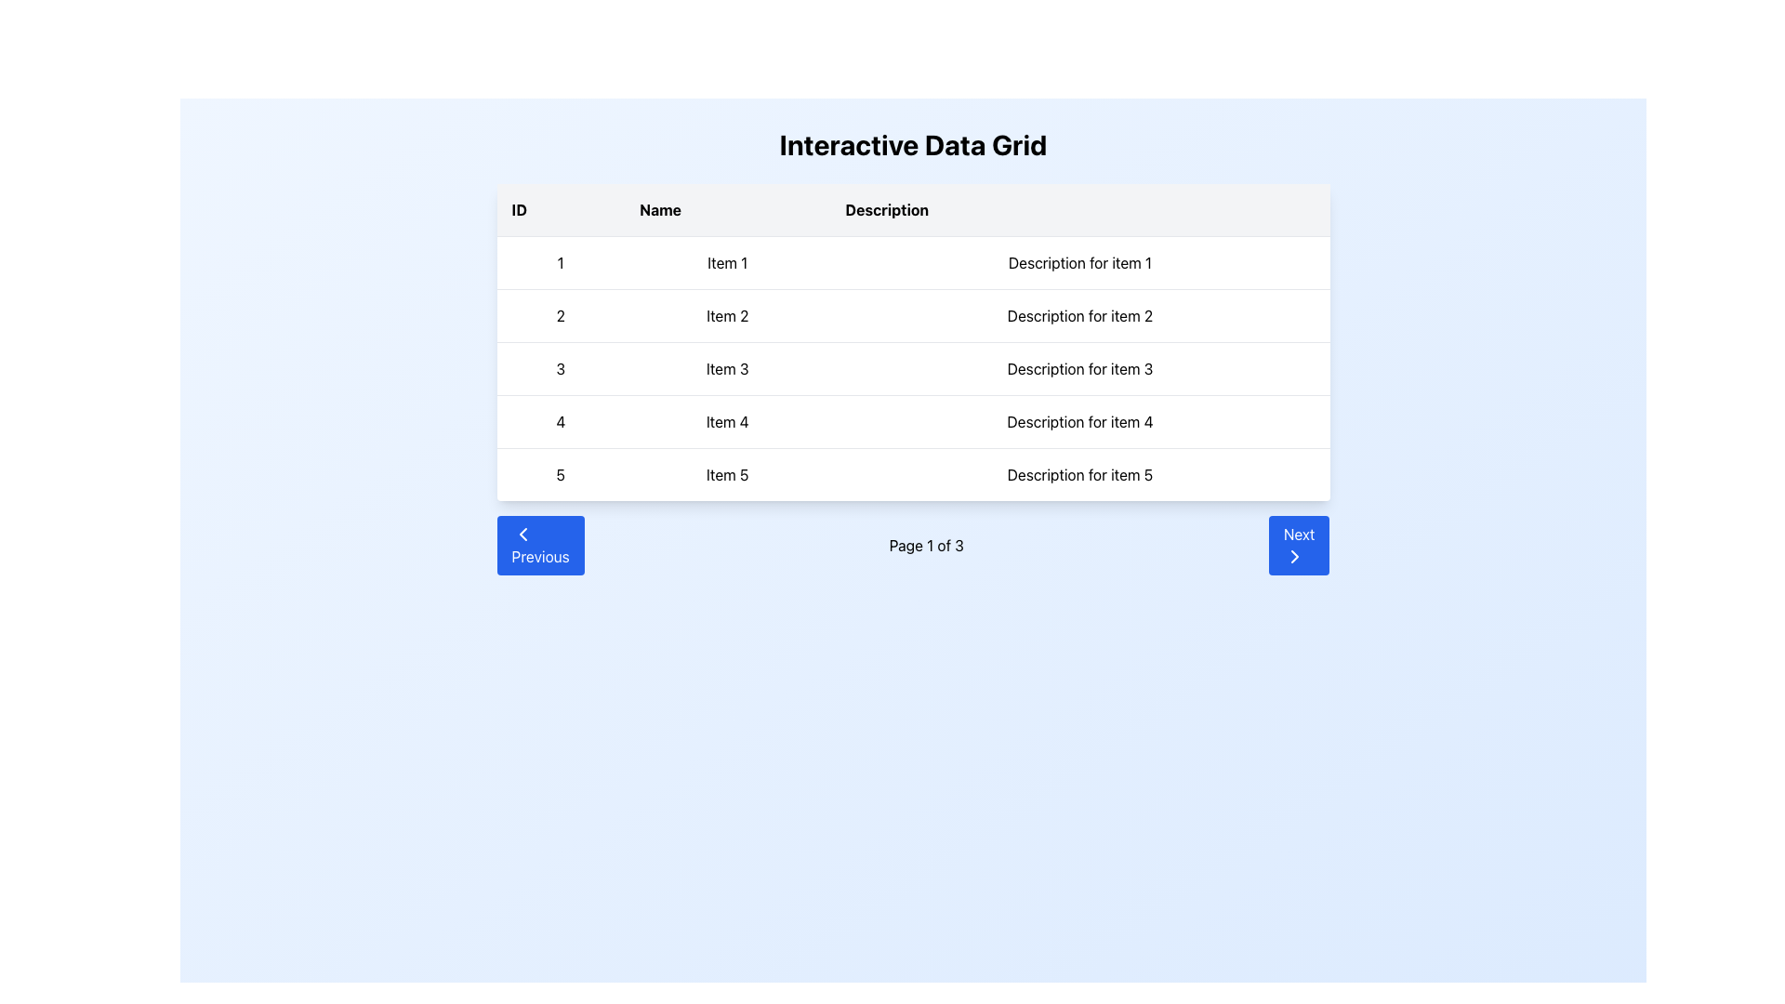 Image resolution: width=1785 pixels, height=1004 pixels. I want to click on text content of the table cell containing 'Description for item 5', located in the third column of the fifth row of the table, so click(1079, 473).